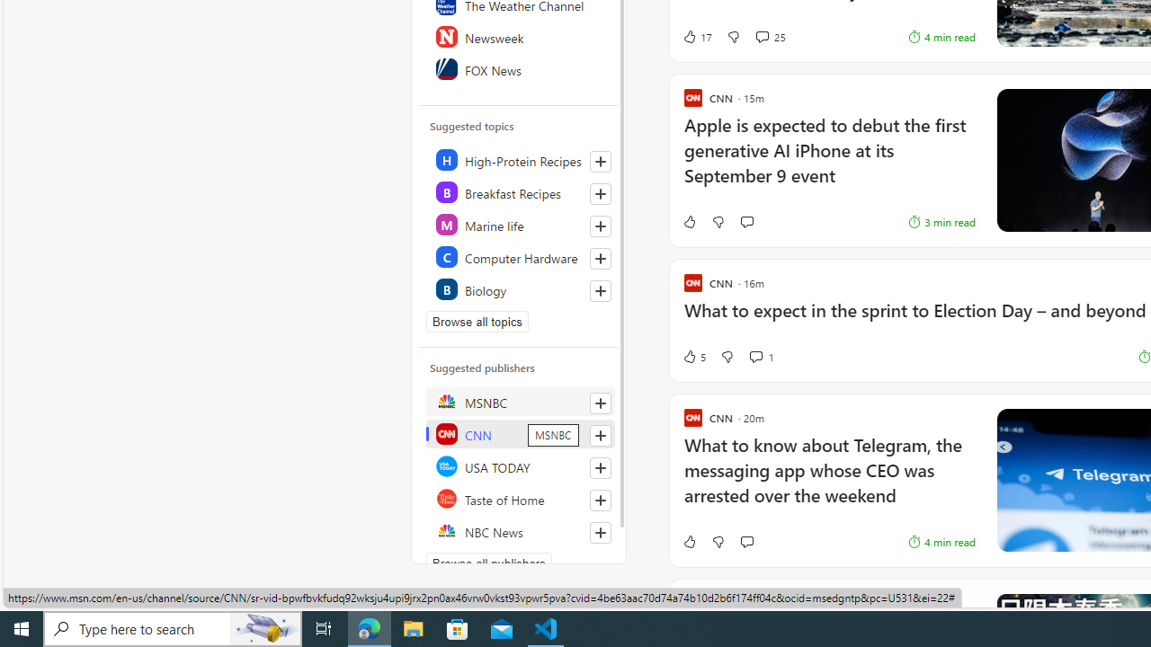 The image size is (1151, 647). Describe the element at coordinates (600, 290) in the screenshot. I see `'Follow this topic'` at that location.